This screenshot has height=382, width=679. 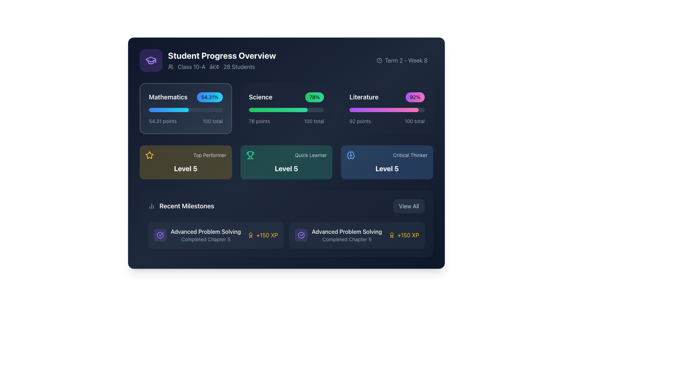 I want to click on the 'Advanced Problem Solving' milestone text display element located in the 'Recent Milestones' section, which is positioned above a completed checkmark icon, so click(x=205, y=235).